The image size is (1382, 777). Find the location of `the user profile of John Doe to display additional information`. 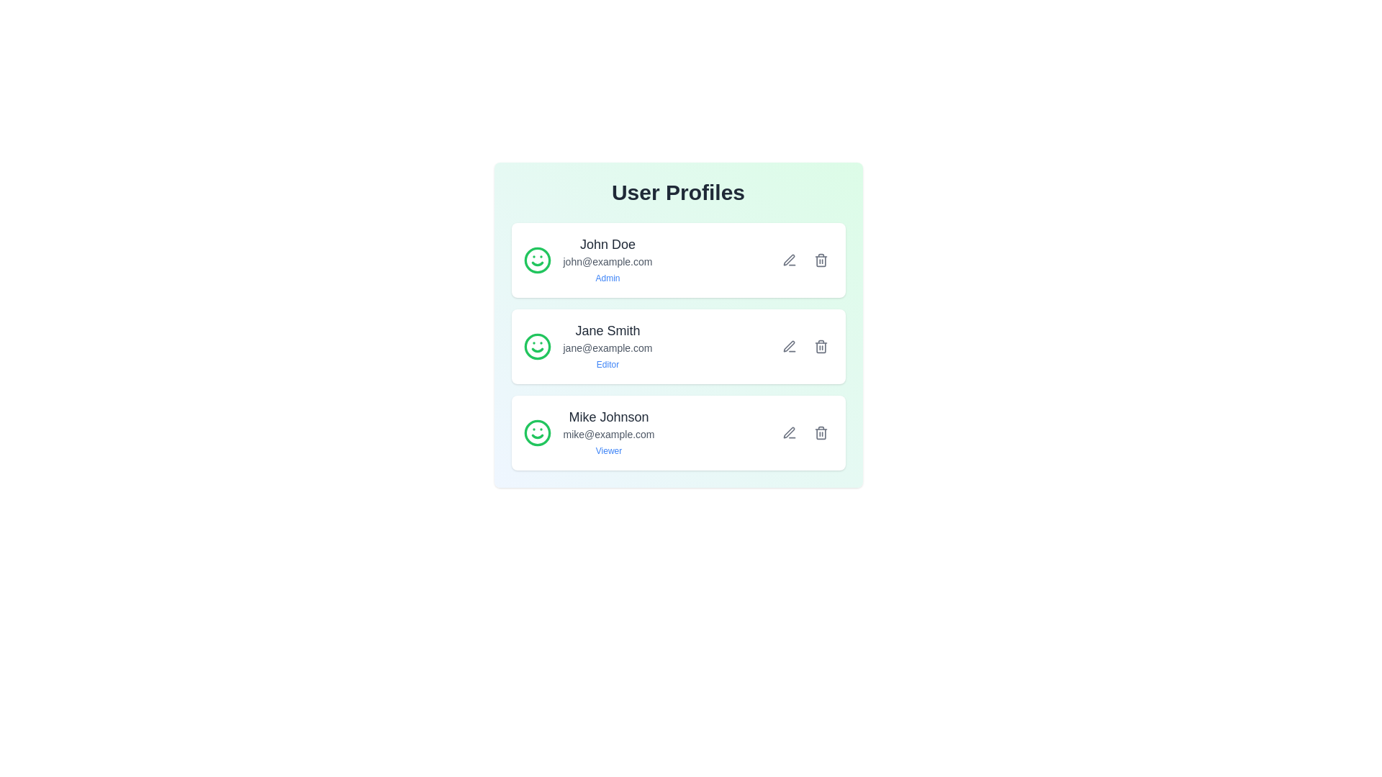

the user profile of John Doe to display additional information is located at coordinates (587, 260).